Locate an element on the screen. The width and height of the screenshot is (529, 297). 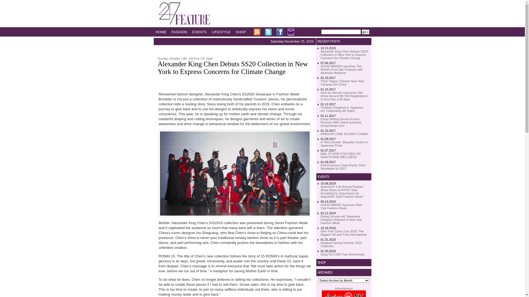
'HOME' is located at coordinates (155, 32).